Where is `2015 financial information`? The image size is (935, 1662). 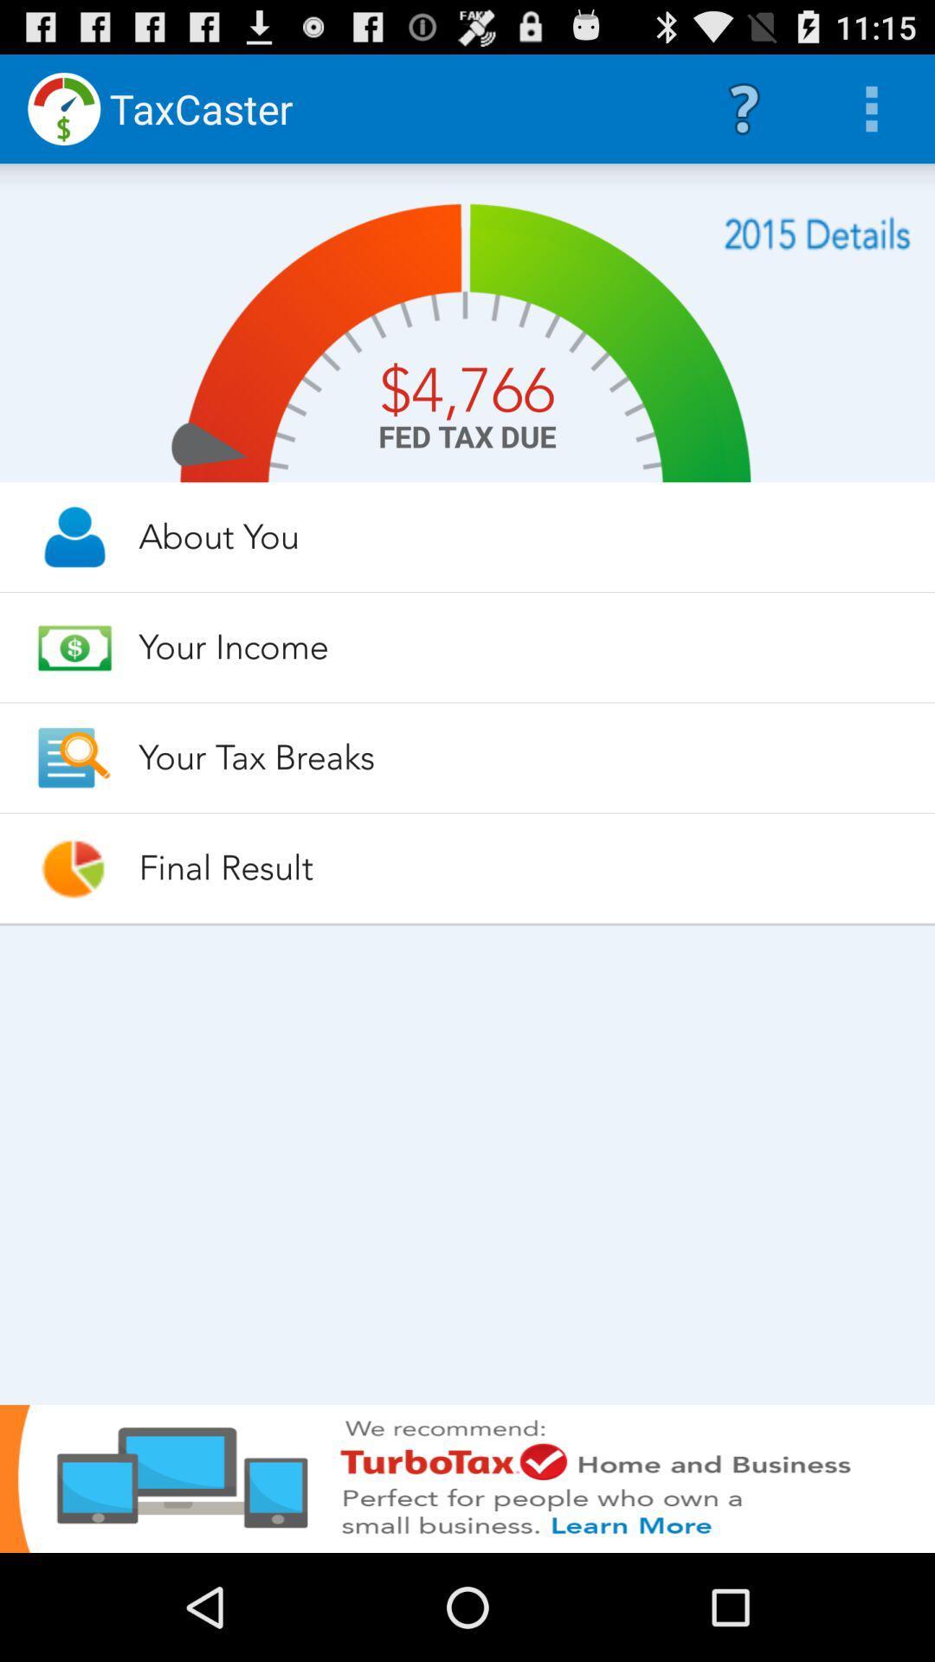 2015 financial information is located at coordinates (817, 233).